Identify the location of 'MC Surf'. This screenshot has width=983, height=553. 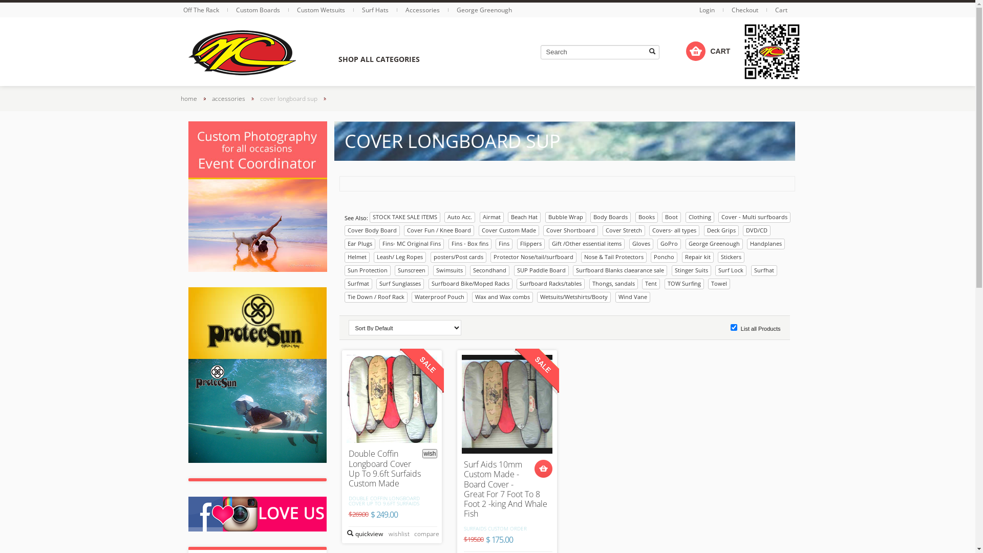
(242, 51).